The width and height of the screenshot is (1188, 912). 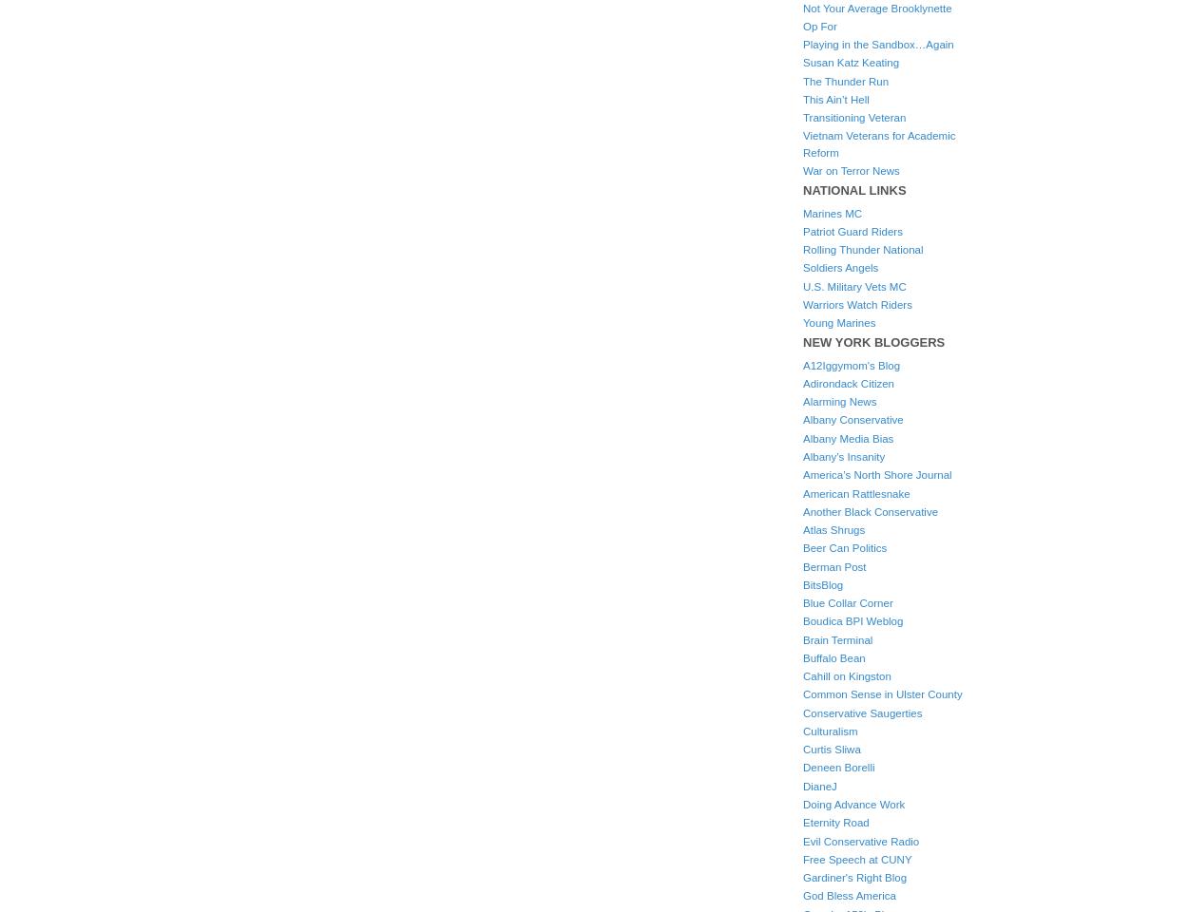 What do you see at coordinates (851, 169) in the screenshot?
I see `'War on Terror News'` at bounding box center [851, 169].